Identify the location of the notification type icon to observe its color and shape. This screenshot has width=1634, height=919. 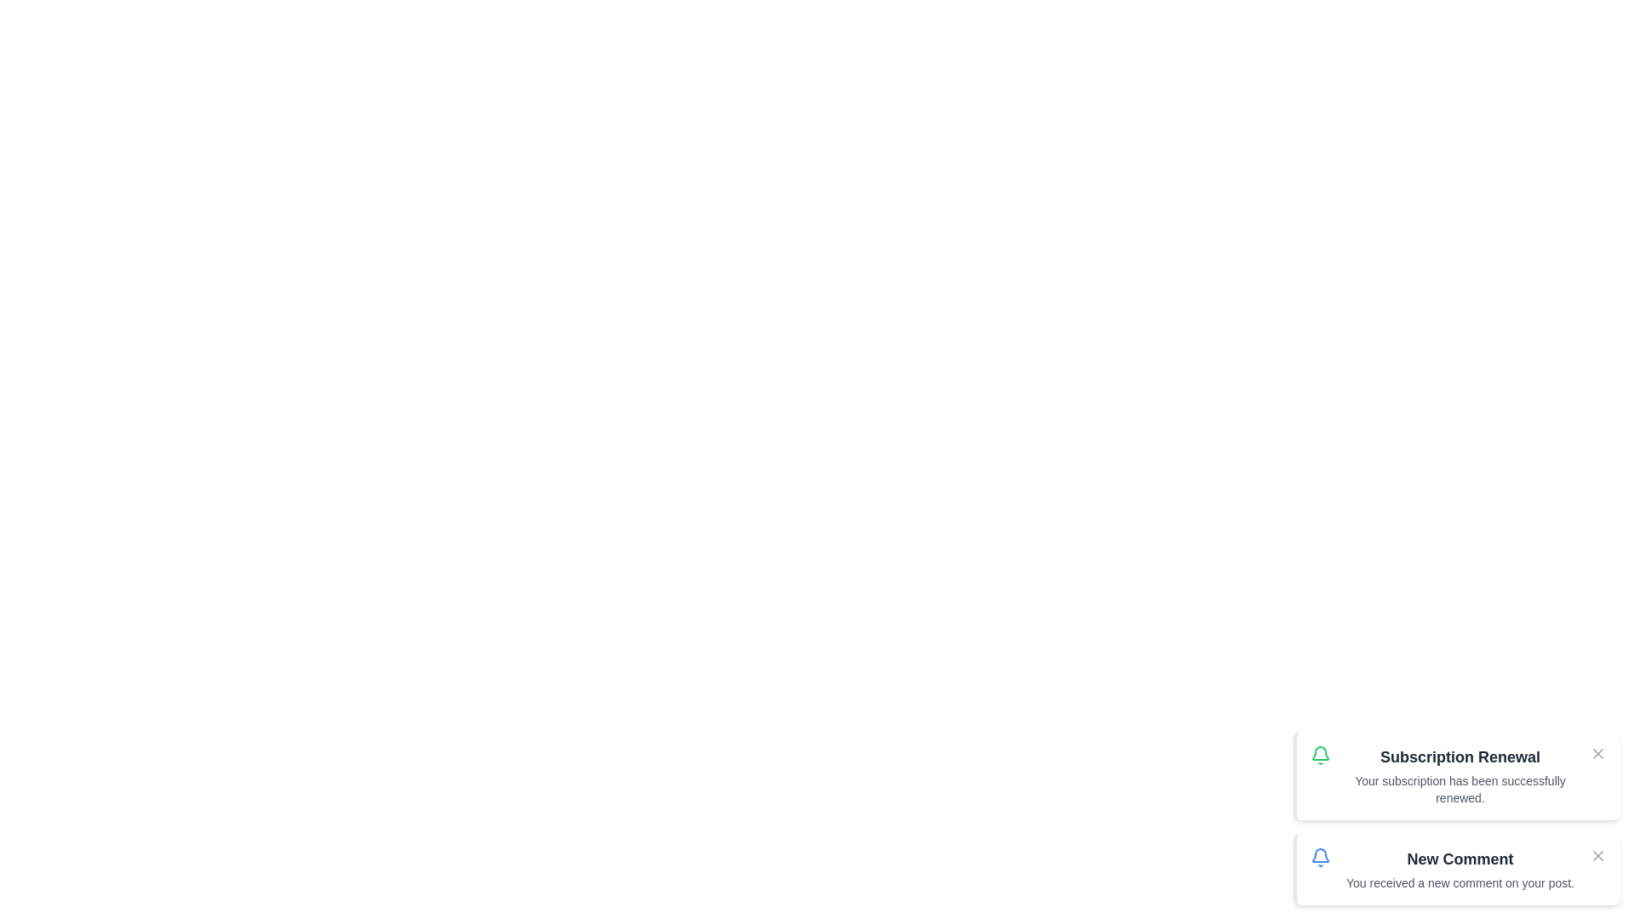
(1319, 754).